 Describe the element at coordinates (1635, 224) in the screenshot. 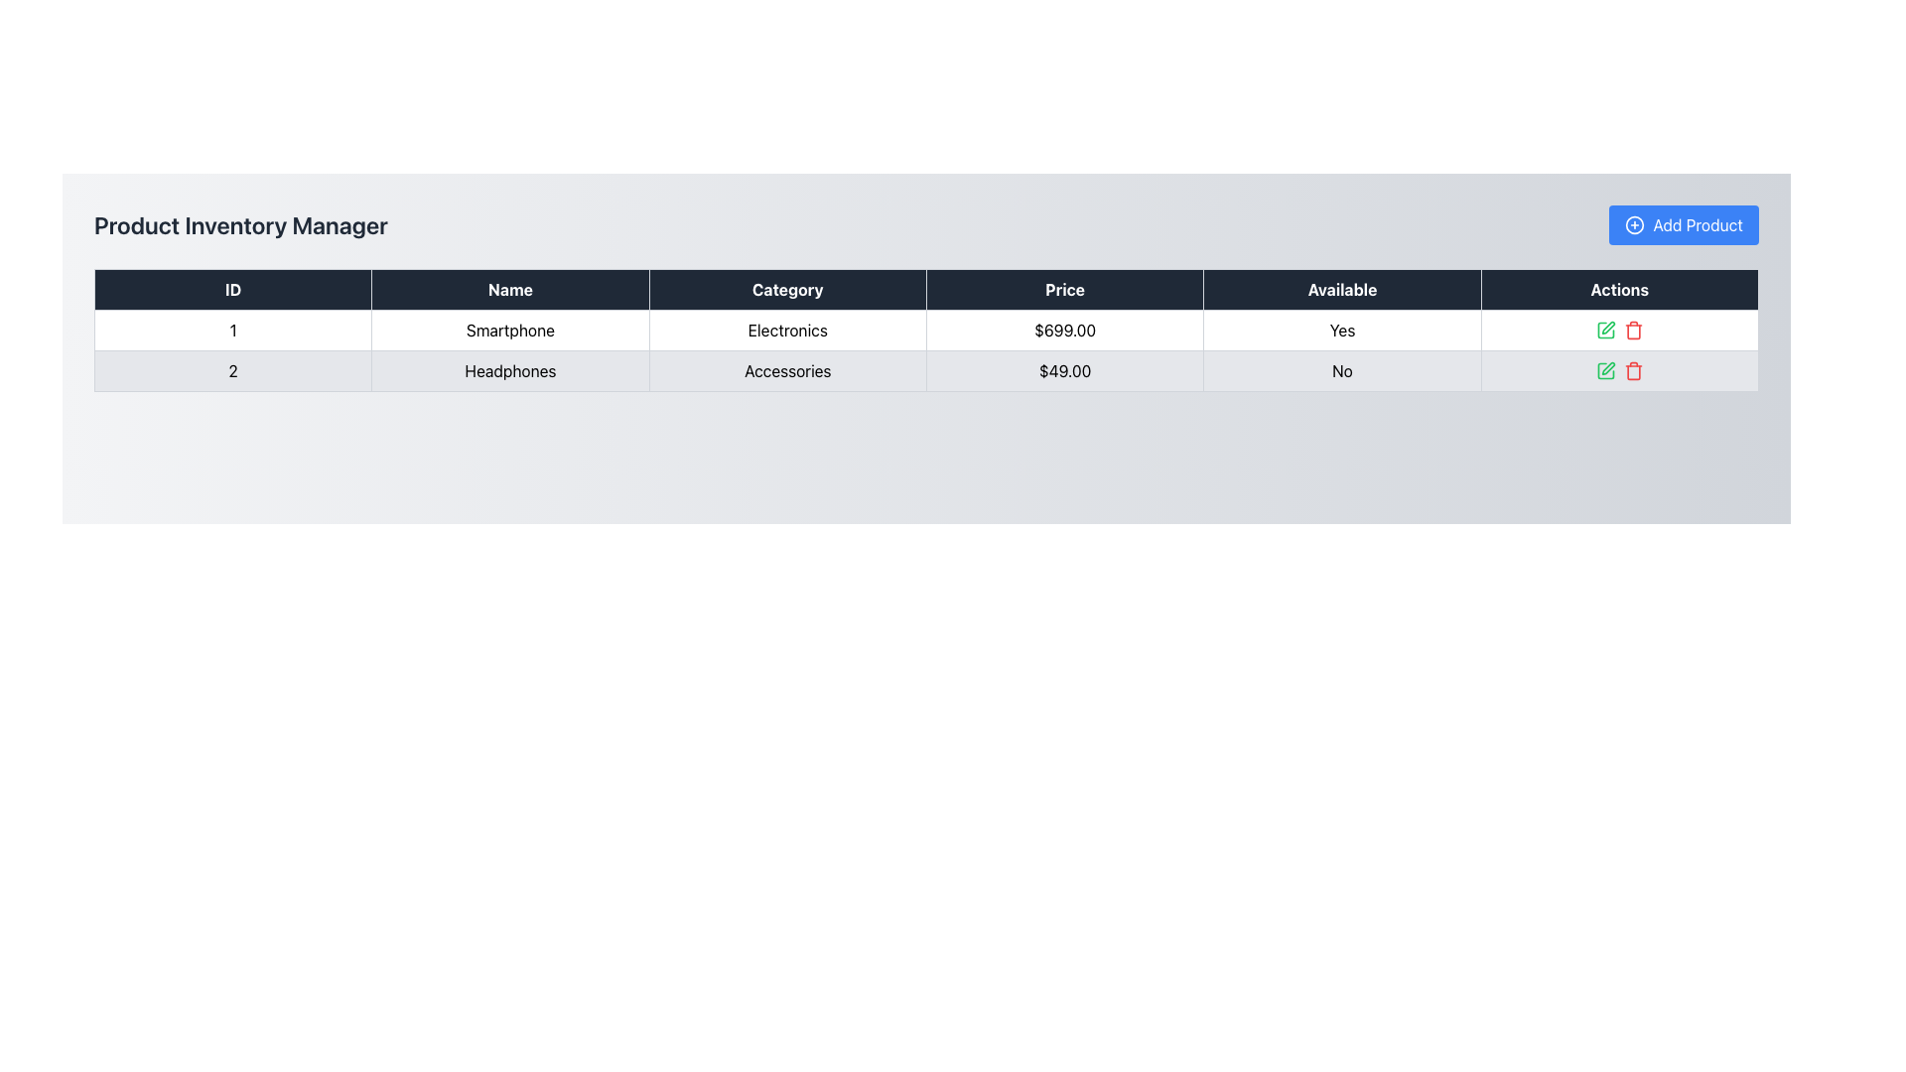

I see `the SVG icon that represents the 'Add Product' action, located` at that location.